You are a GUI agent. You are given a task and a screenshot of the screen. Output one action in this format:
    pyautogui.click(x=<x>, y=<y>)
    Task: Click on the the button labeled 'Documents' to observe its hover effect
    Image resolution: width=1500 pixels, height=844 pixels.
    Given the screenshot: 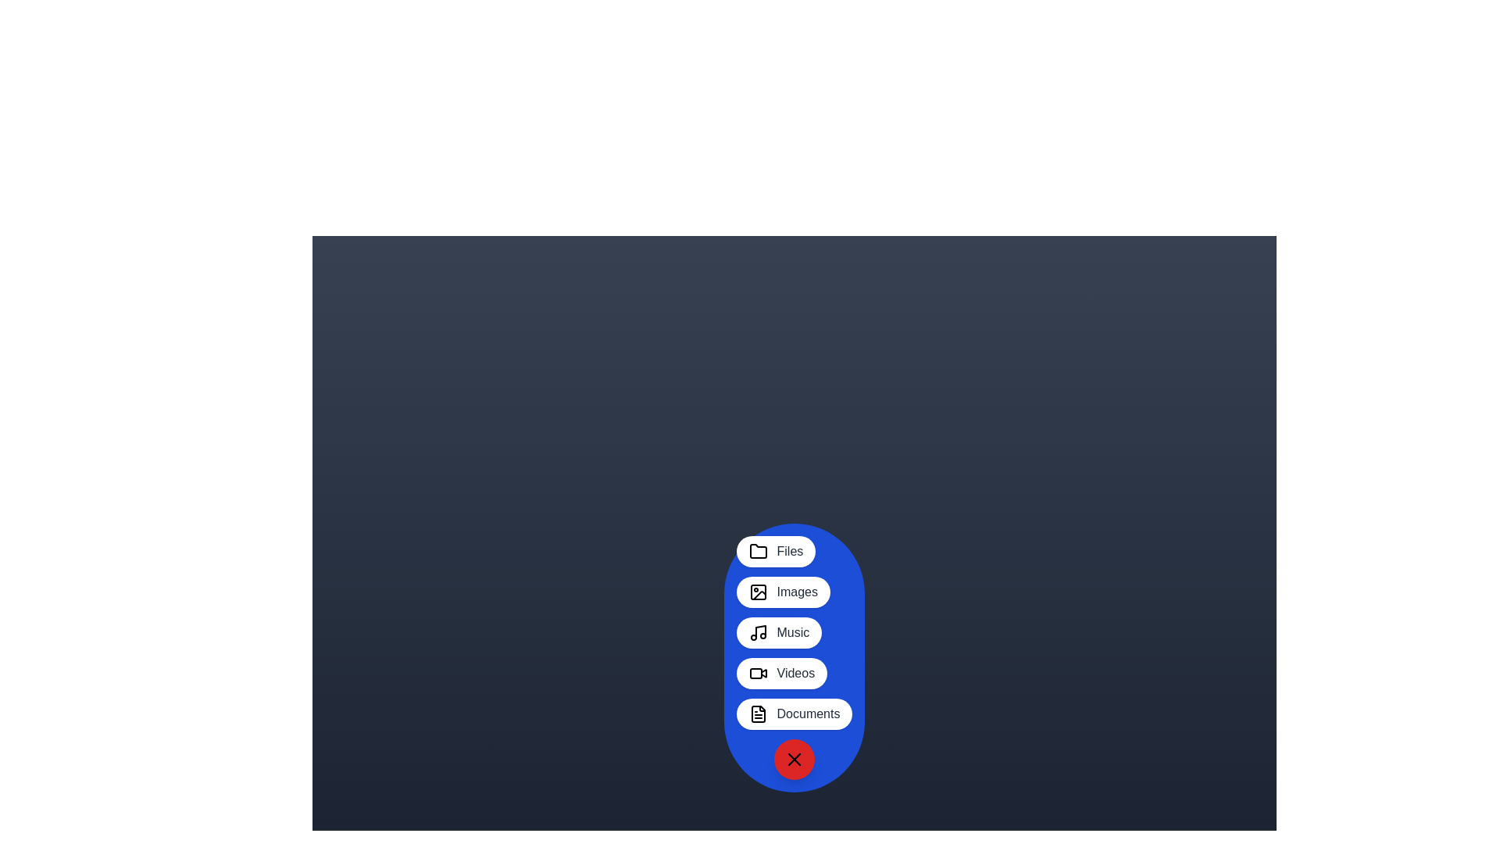 What is the action you would take?
    pyautogui.click(x=795, y=714)
    